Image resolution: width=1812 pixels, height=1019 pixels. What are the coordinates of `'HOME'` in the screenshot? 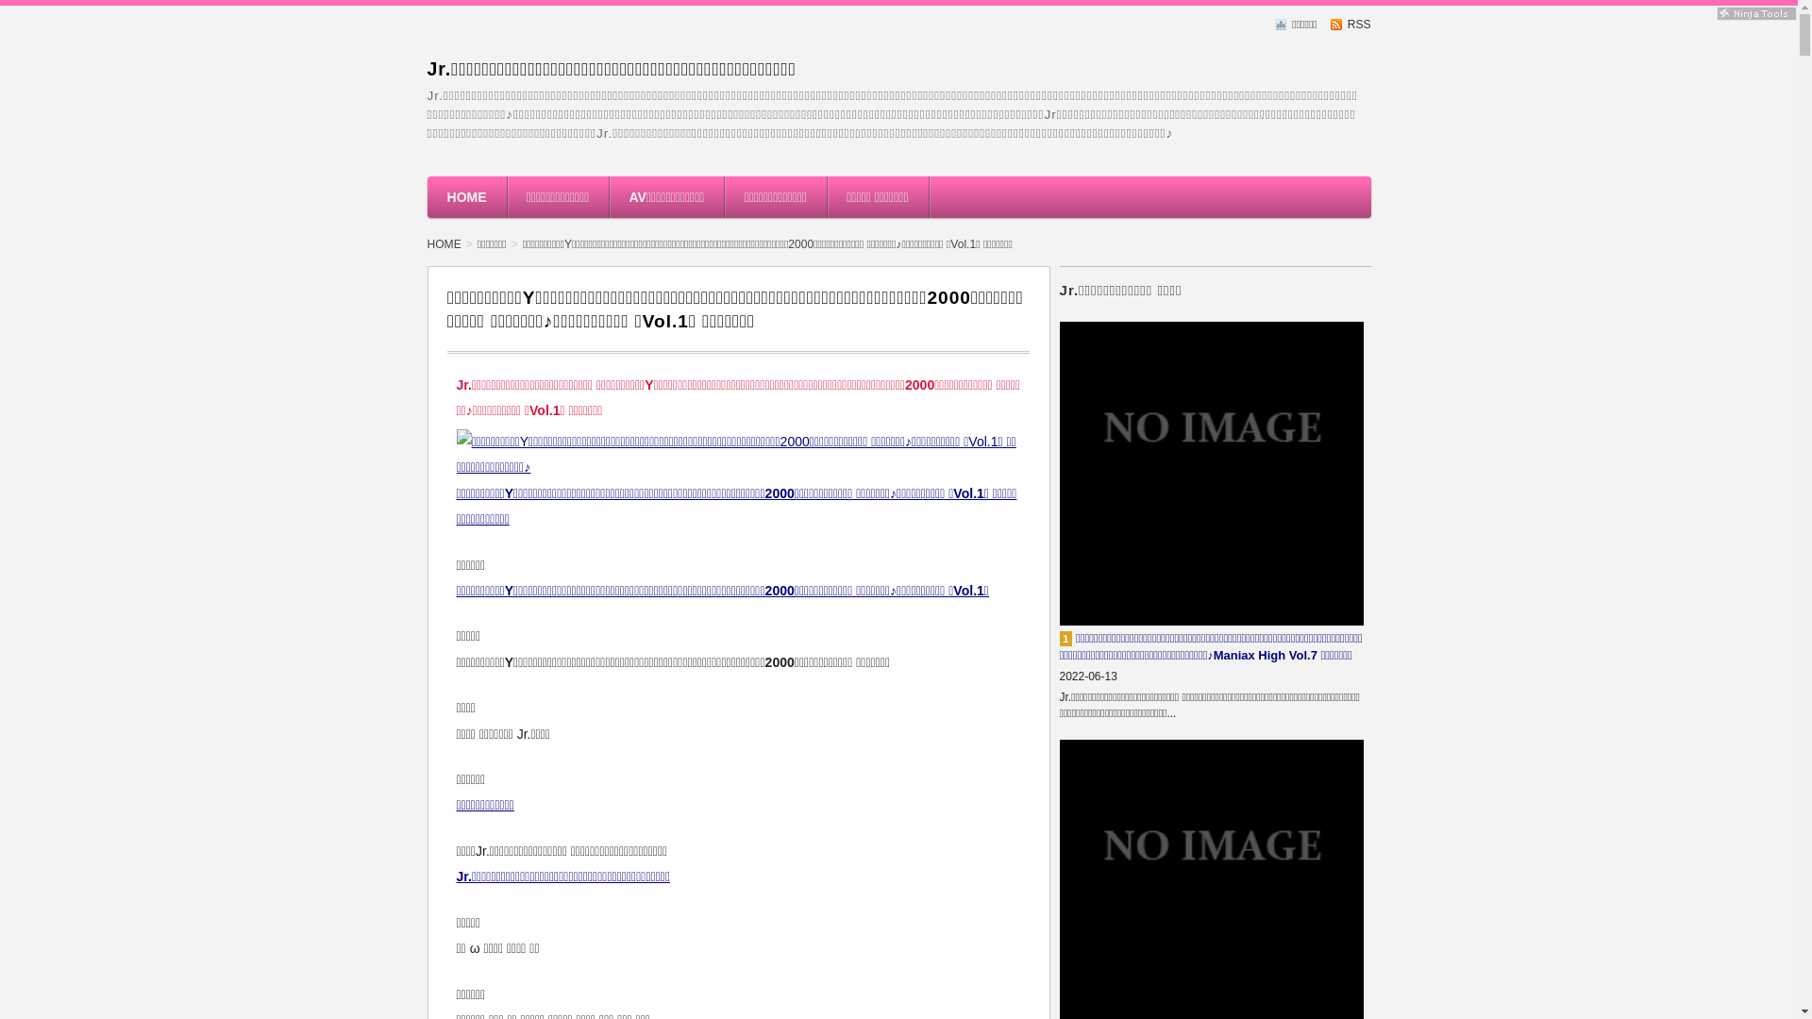 It's located at (447, 242).